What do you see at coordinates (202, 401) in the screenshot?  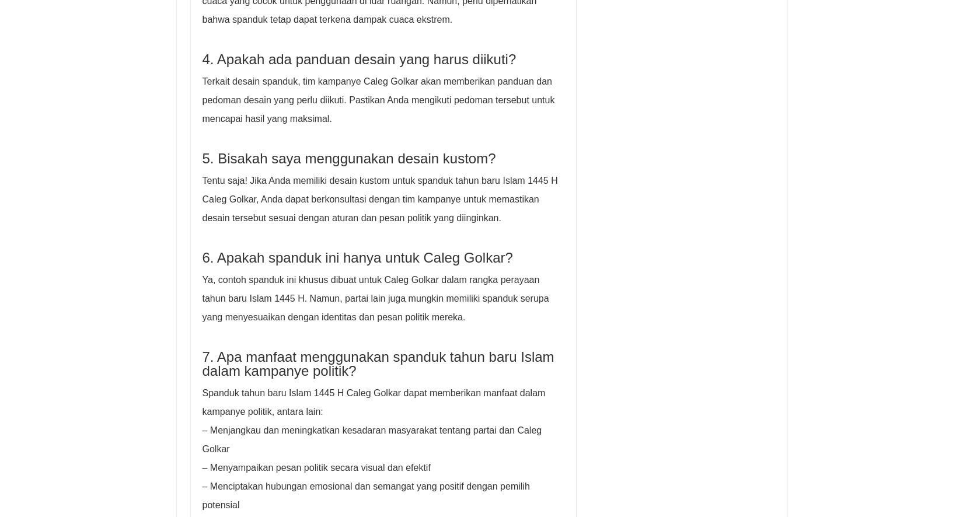 I see `'Spanduk tahun baru Islam 1445 H Caleg Golkar dapat memberikan manfaat dalam kampanye politik, antara lain:'` at bounding box center [202, 401].